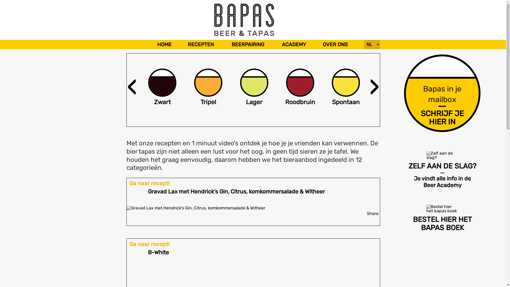 This screenshot has height=287, width=510. What do you see at coordinates (164, 44) in the screenshot?
I see `'HOME'` at bounding box center [164, 44].